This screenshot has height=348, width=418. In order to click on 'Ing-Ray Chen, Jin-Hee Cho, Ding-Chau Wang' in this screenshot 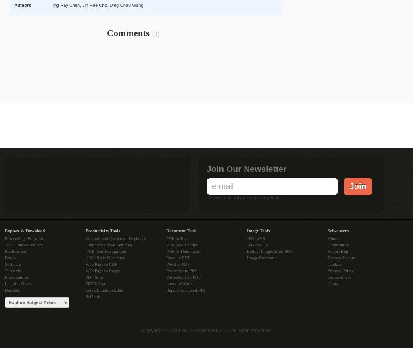, I will do `click(98, 5)`.